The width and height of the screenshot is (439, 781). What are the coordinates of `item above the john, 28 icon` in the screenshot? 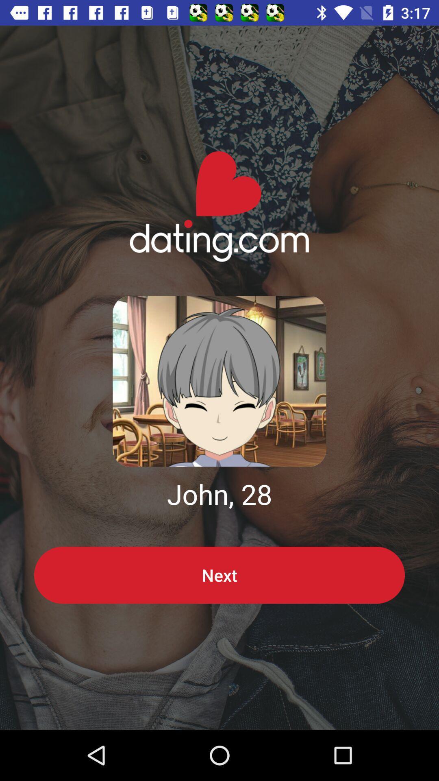 It's located at (219, 381).